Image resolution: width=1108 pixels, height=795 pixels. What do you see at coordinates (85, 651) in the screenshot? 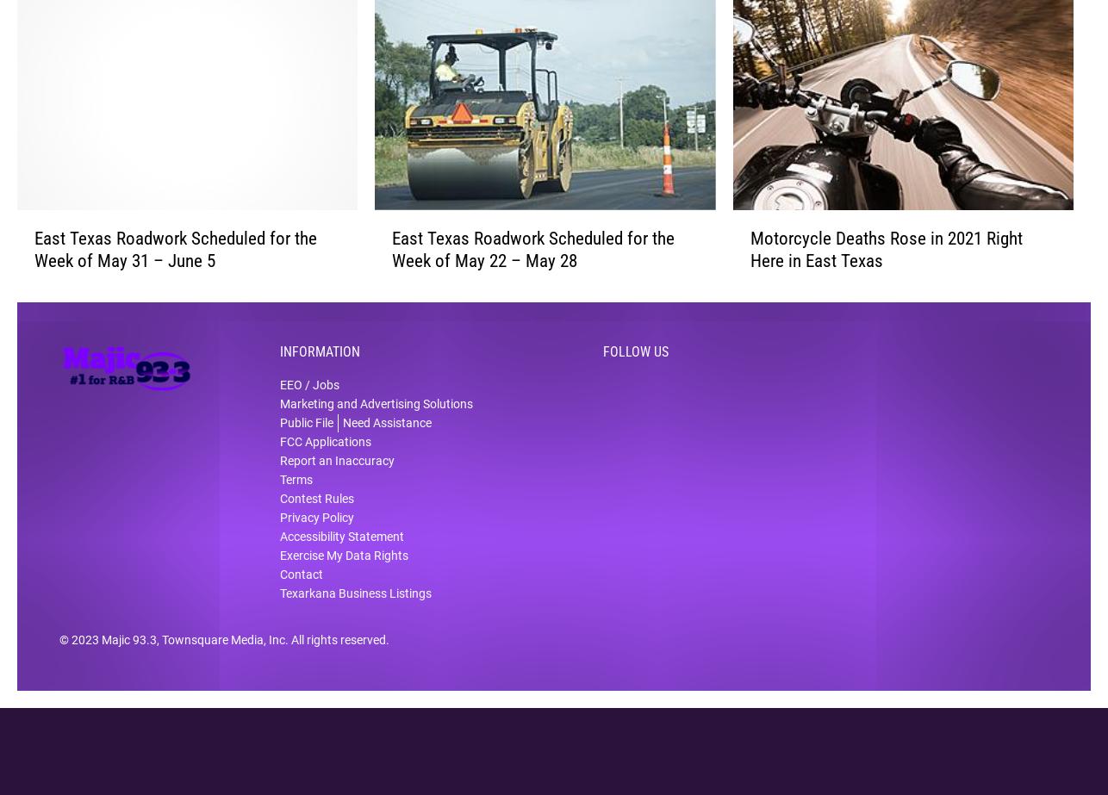
I see `'2023'` at bounding box center [85, 651].